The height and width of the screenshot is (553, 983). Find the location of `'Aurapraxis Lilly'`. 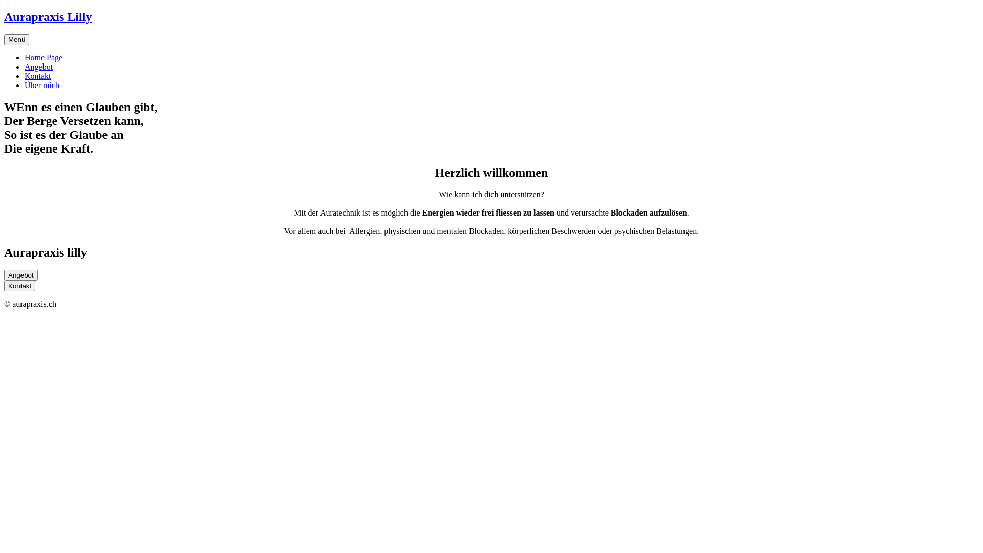

'Aurapraxis Lilly' is located at coordinates (4, 17).